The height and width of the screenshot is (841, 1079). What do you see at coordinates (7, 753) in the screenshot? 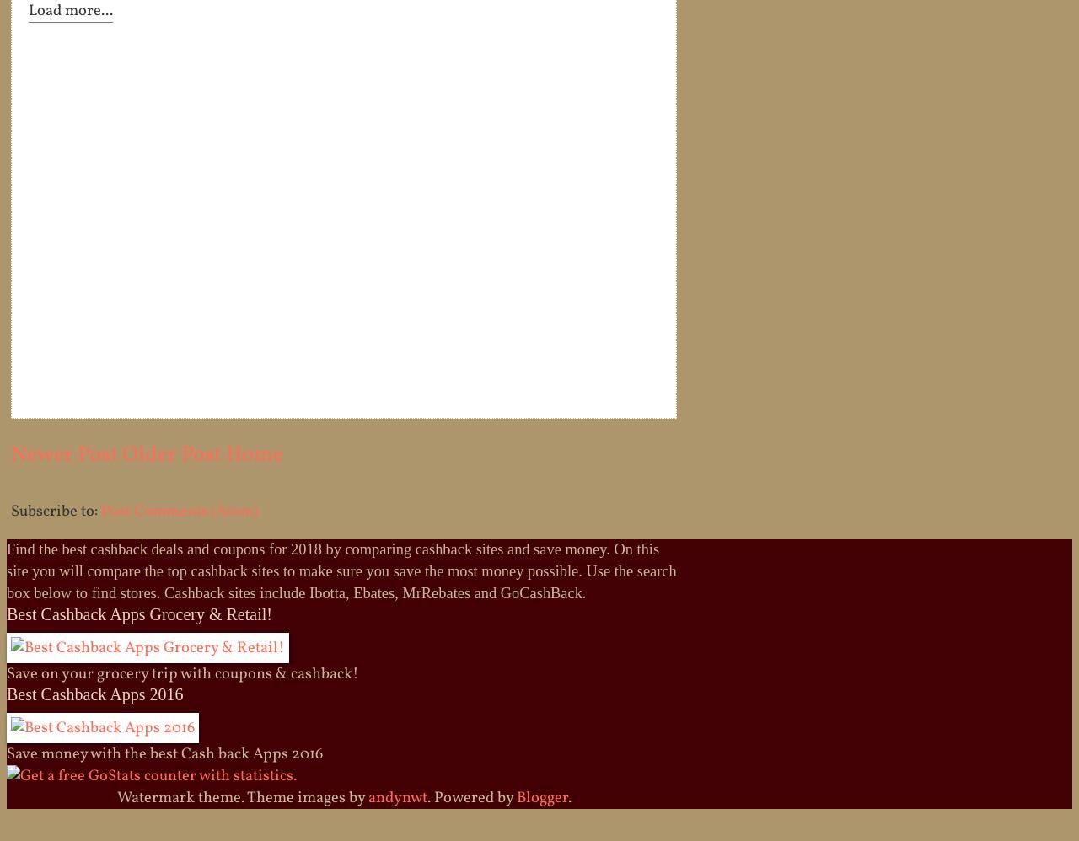
I see `'Save money with the best Cash back Apps 2016'` at bounding box center [7, 753].